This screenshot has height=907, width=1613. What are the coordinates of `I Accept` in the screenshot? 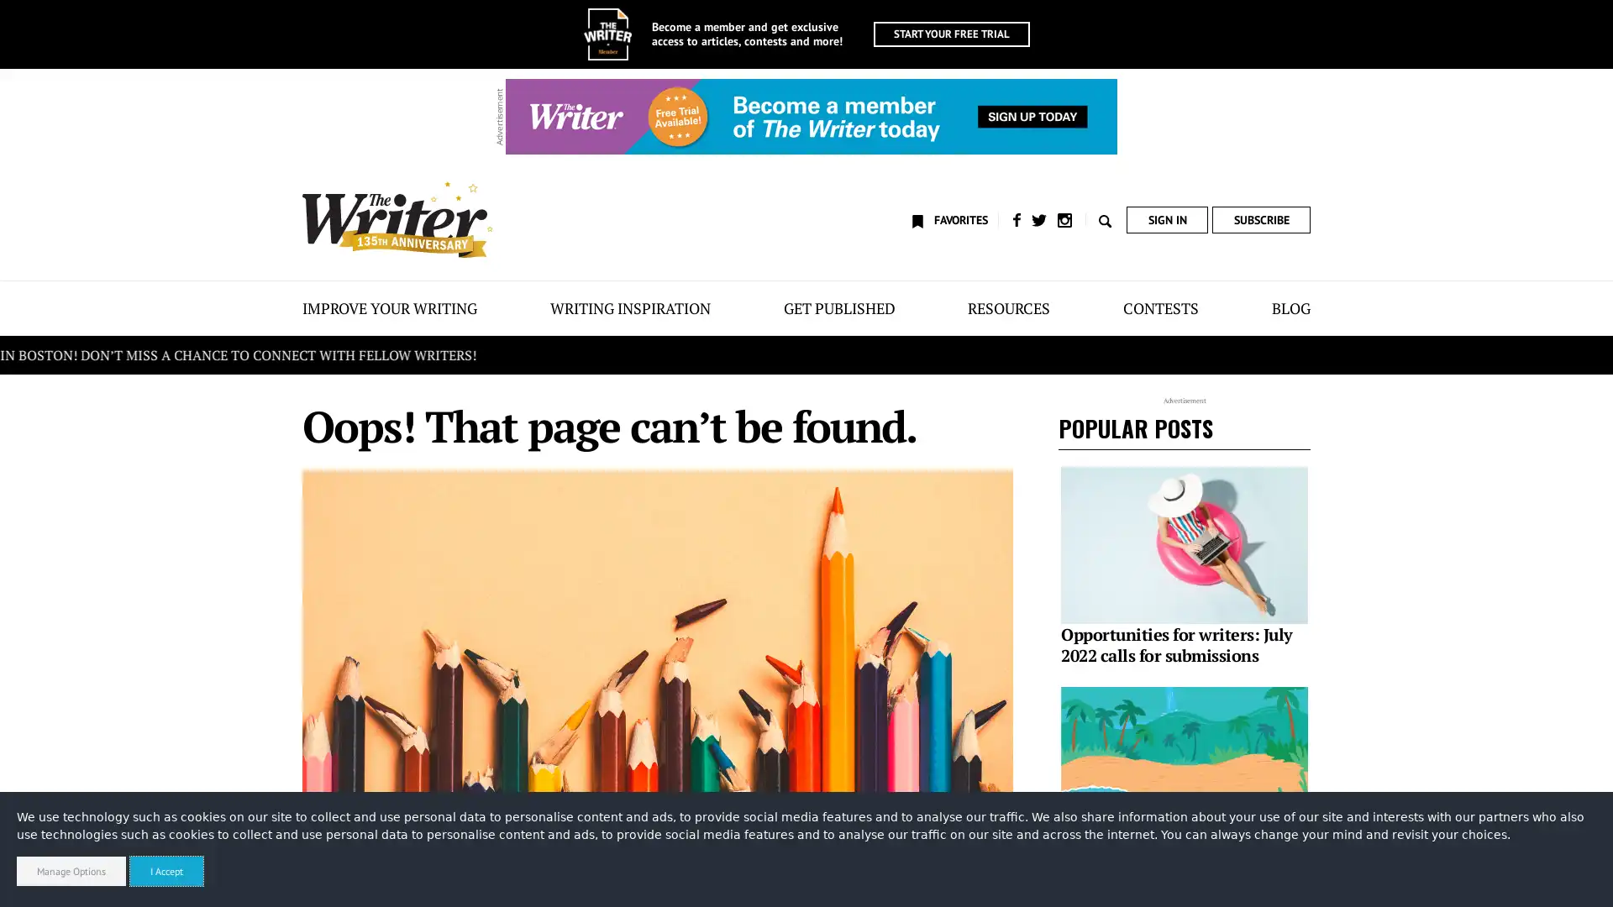 It's located at (166, 870).